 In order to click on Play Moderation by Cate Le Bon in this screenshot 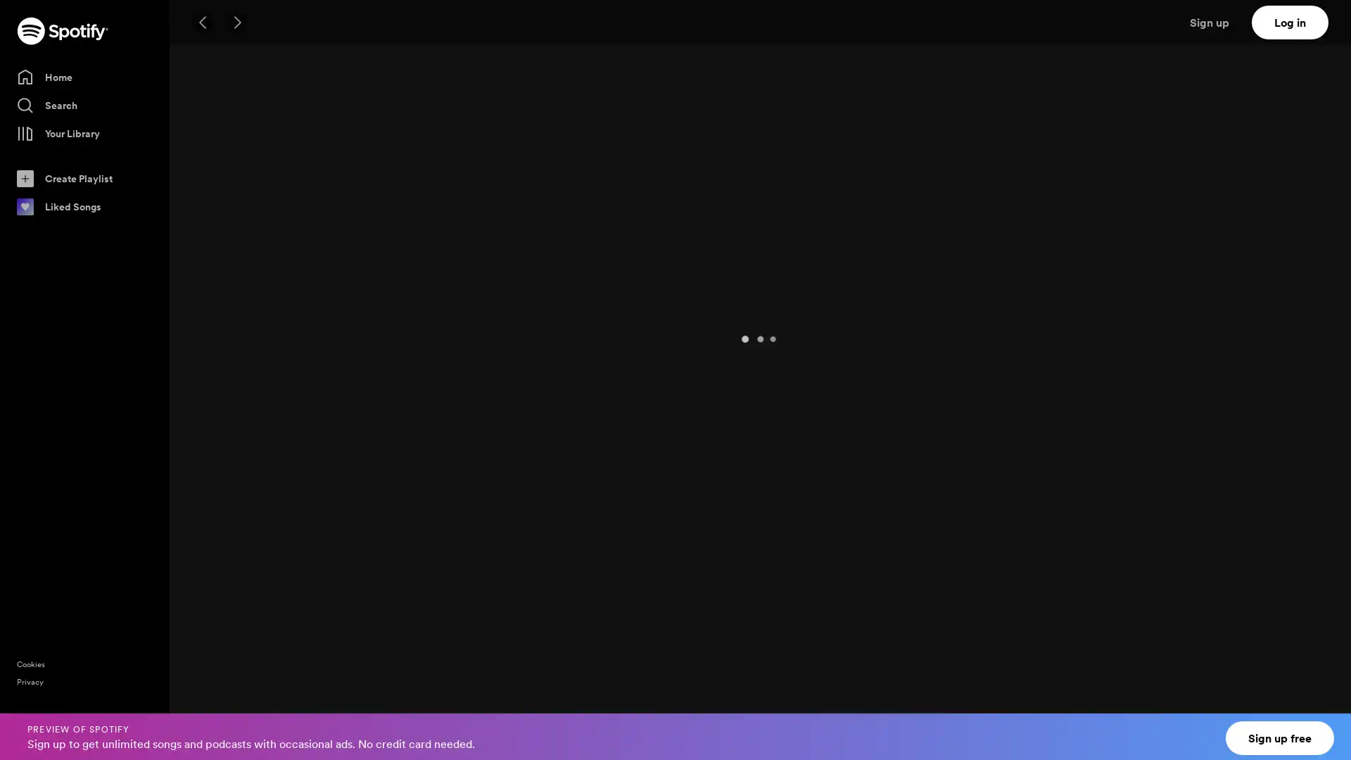, I will do `click(209, 724)`.